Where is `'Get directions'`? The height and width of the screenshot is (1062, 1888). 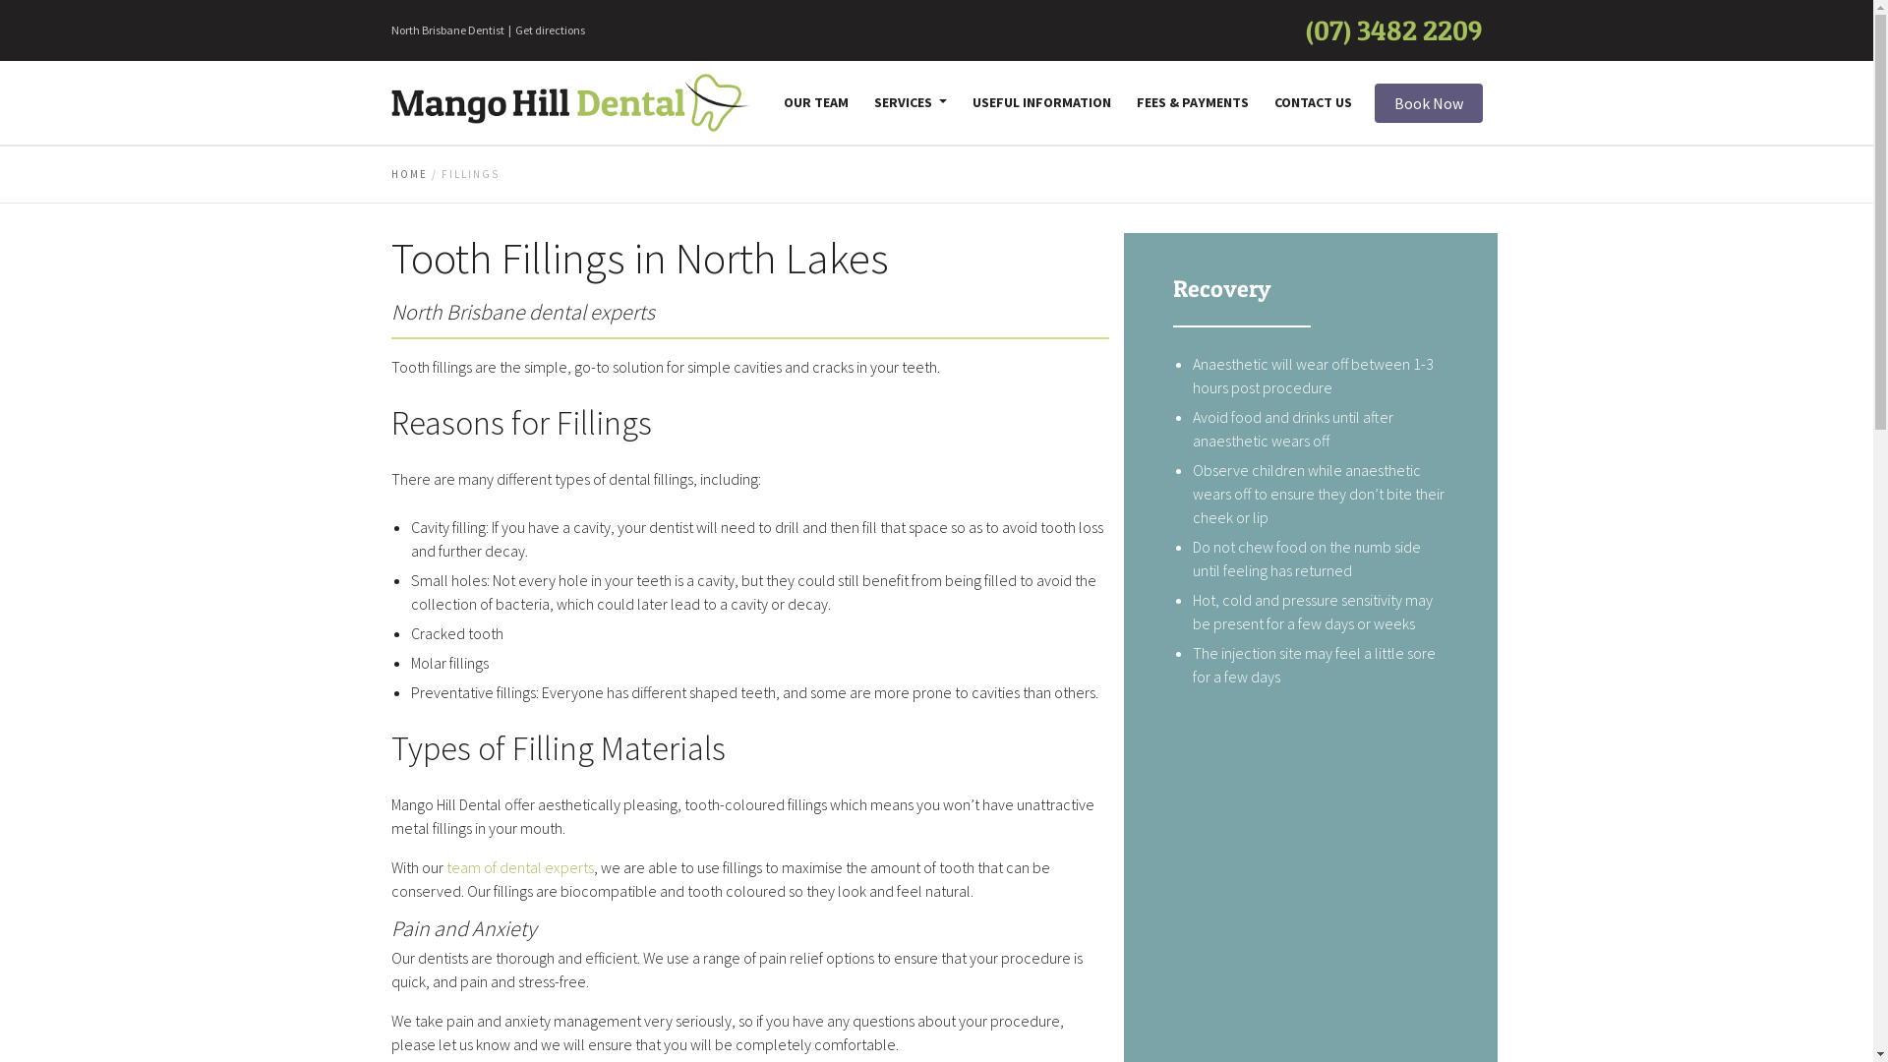
'Get directions' is located at coordinates (514, 29).